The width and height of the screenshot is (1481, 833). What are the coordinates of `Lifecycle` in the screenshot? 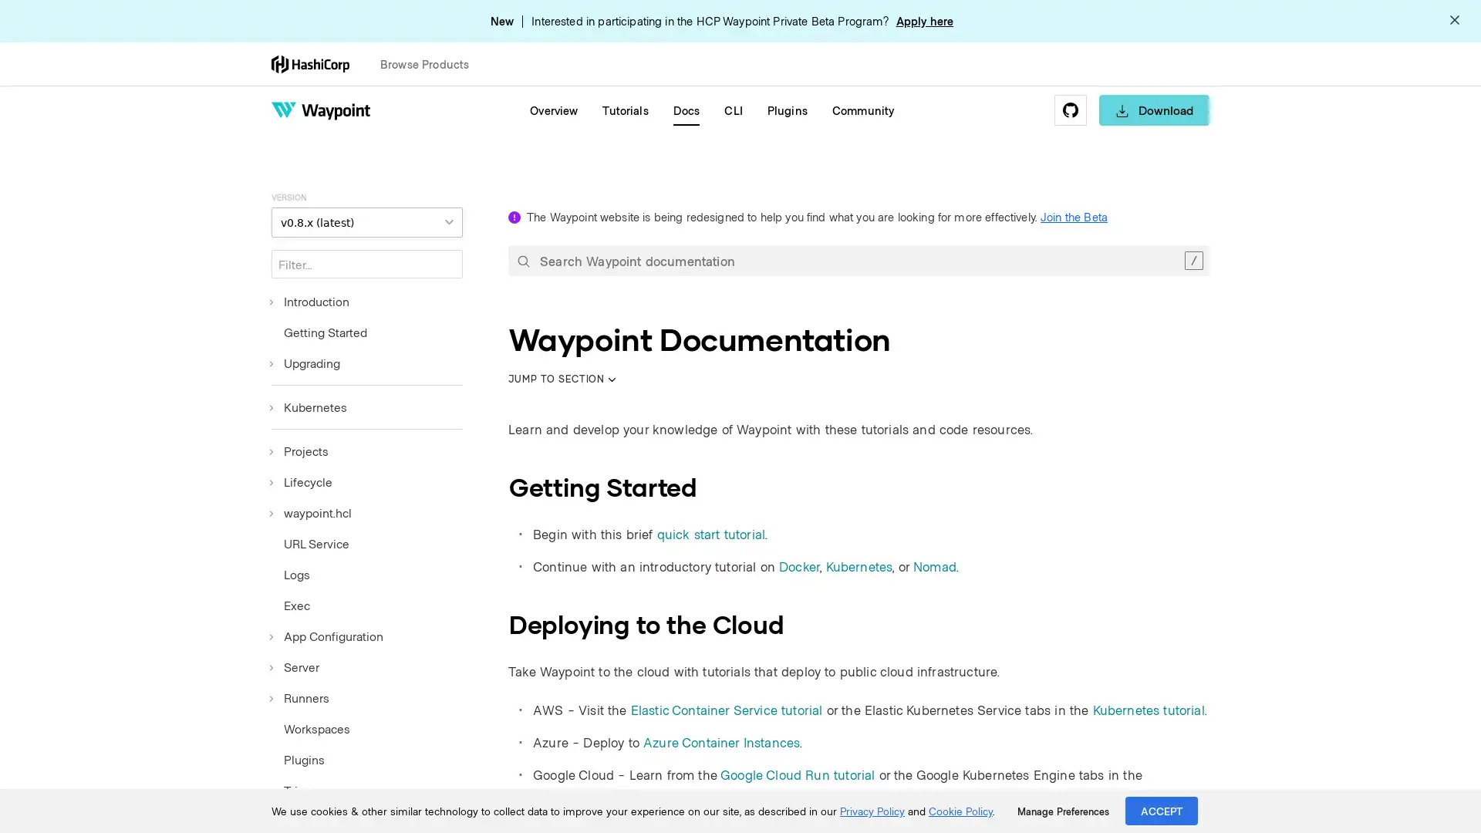 It's located at (302, 481).